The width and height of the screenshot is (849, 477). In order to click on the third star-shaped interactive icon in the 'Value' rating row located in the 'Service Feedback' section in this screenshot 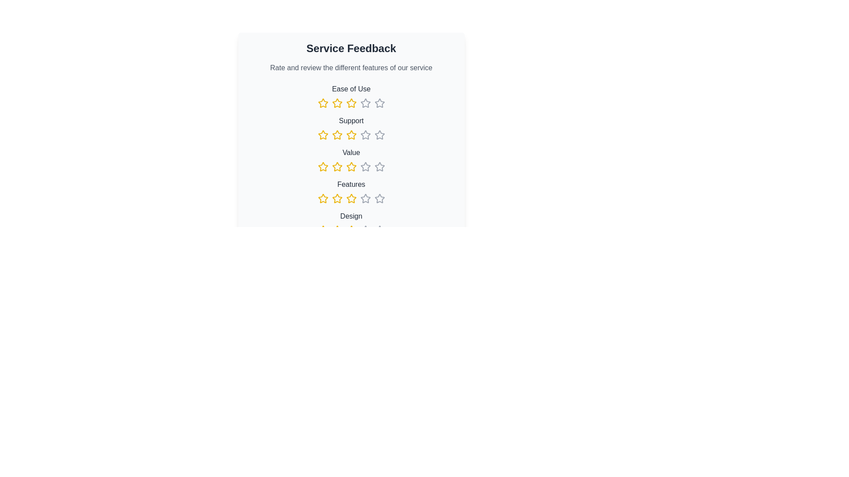, I will do `click(365, 167)`.